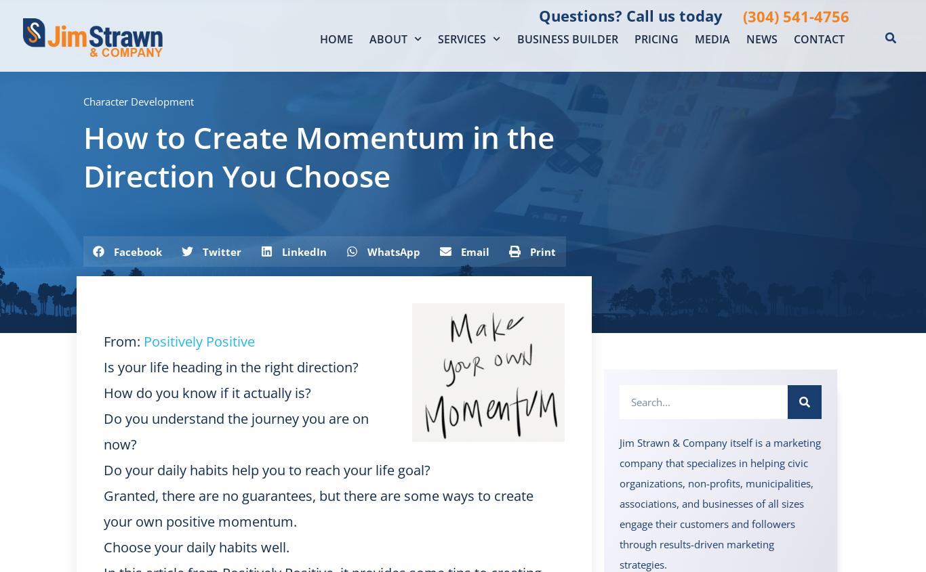  What do you see at coordinates (123, 341) in the screenshot?
I see `'From:'` at bounding box center [123, 341].